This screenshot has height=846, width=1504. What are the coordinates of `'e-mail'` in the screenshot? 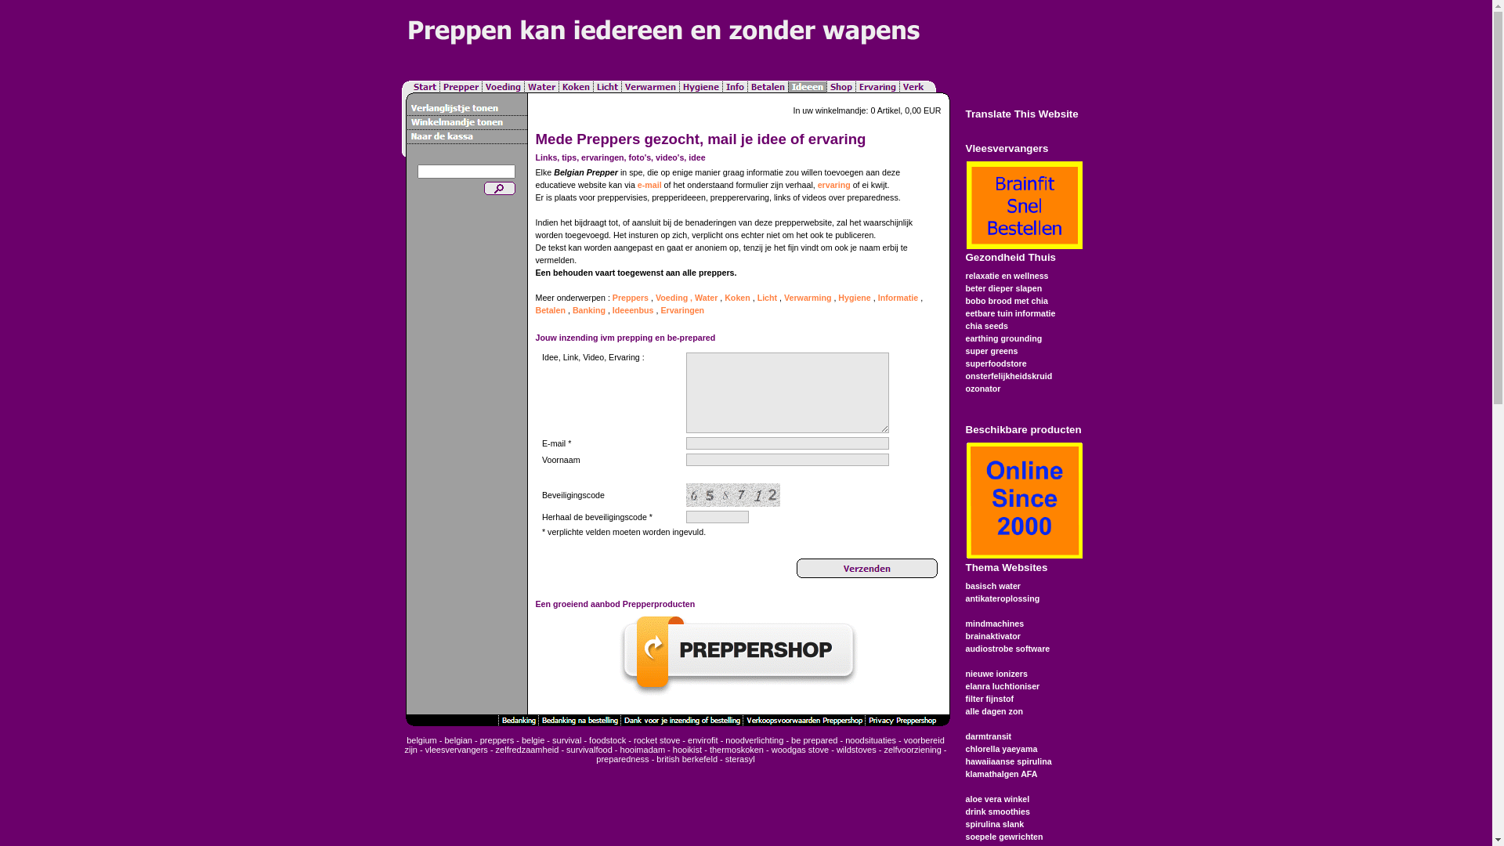 It's located at (649, 183).